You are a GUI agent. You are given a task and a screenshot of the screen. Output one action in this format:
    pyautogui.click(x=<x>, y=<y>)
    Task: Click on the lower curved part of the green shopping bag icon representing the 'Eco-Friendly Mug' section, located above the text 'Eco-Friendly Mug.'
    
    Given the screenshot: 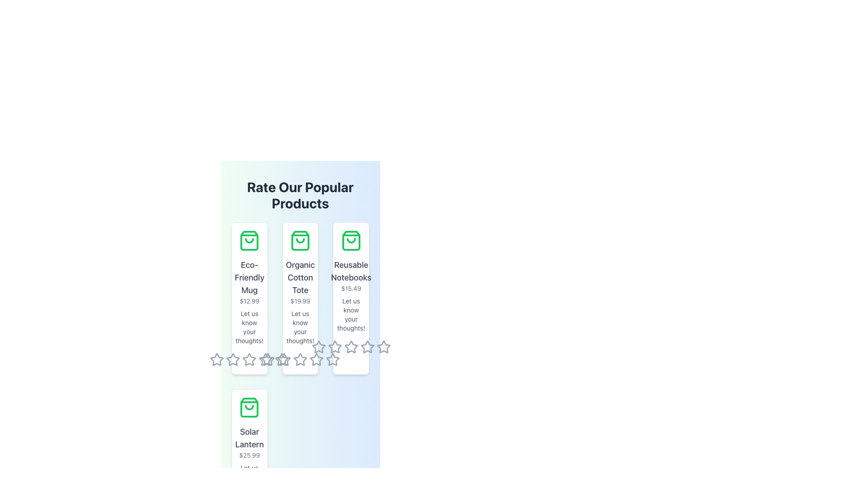 What is the action you would take?
    pyautogui.click(x=249, y=240)
    